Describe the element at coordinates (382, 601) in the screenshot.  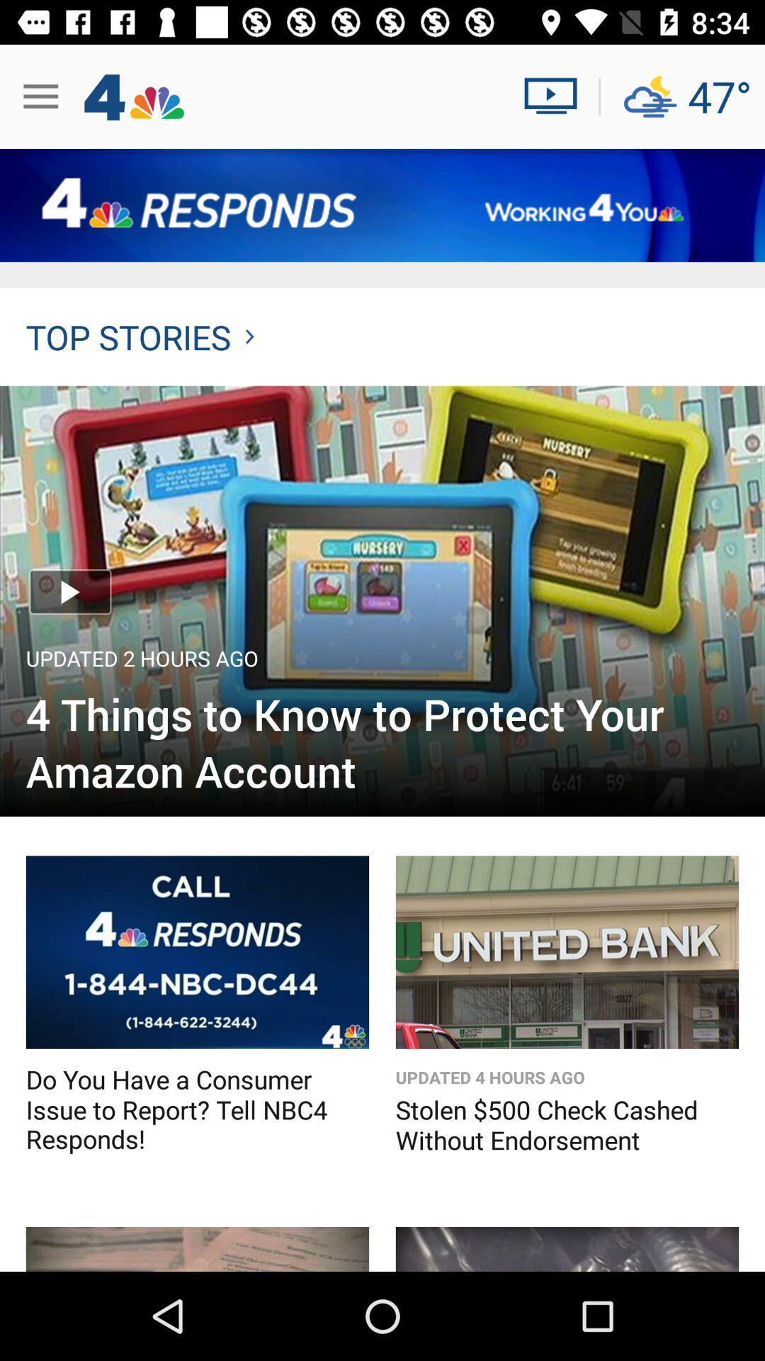
I see `article` at that location.